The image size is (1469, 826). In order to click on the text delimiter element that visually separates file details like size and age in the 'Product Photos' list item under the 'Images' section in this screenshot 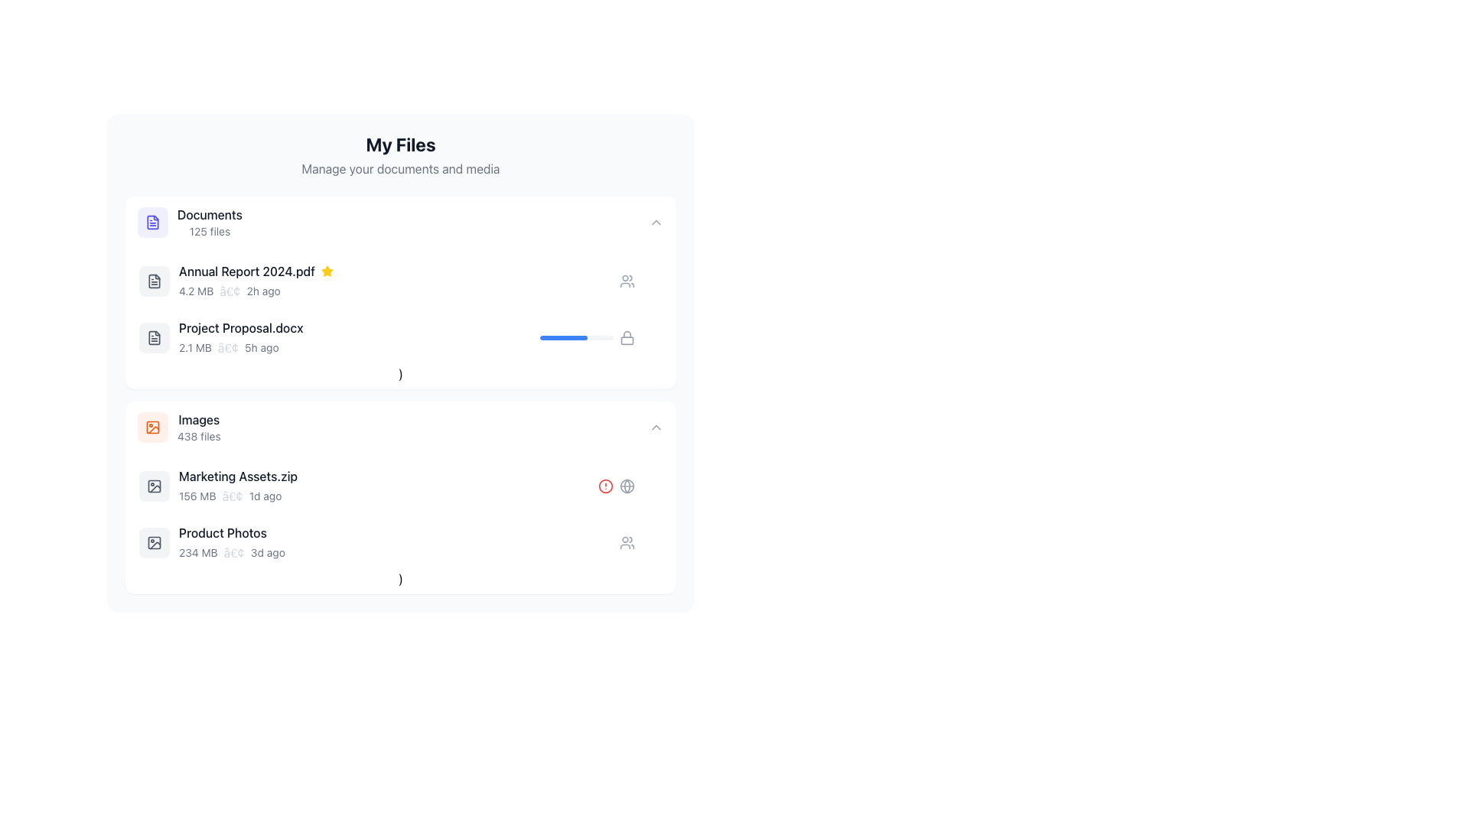, I will do `click(233, 552)`.